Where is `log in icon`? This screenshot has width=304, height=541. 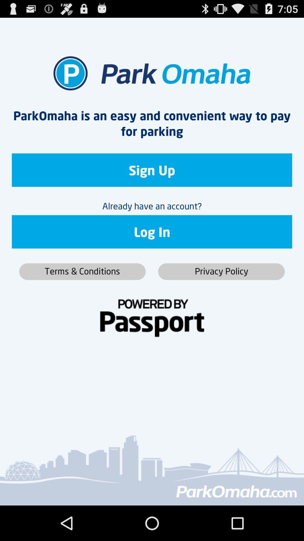 log in icon is located at coordinates (152, 232).